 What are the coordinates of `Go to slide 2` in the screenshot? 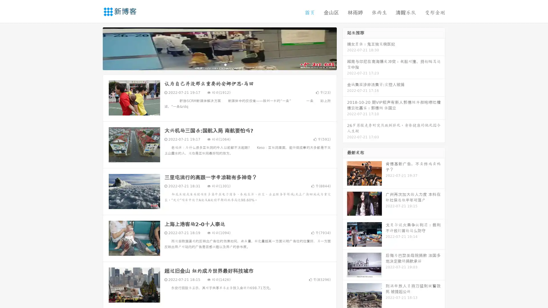 It's located at (219, 64).